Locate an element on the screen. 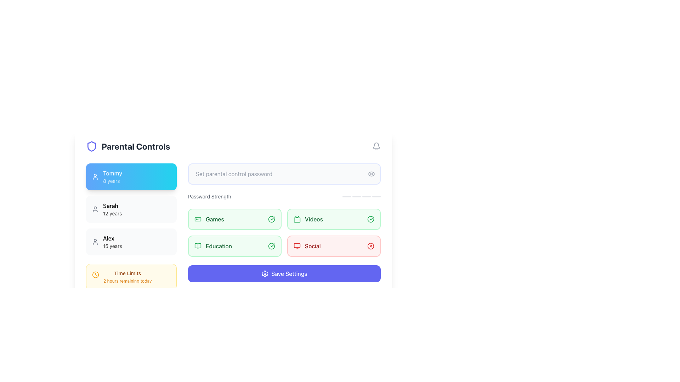  the 'Games' category label located in the 'Password Strength' section as the first item in a group of four horizontally aligned options is located at coordinates (209, 219).